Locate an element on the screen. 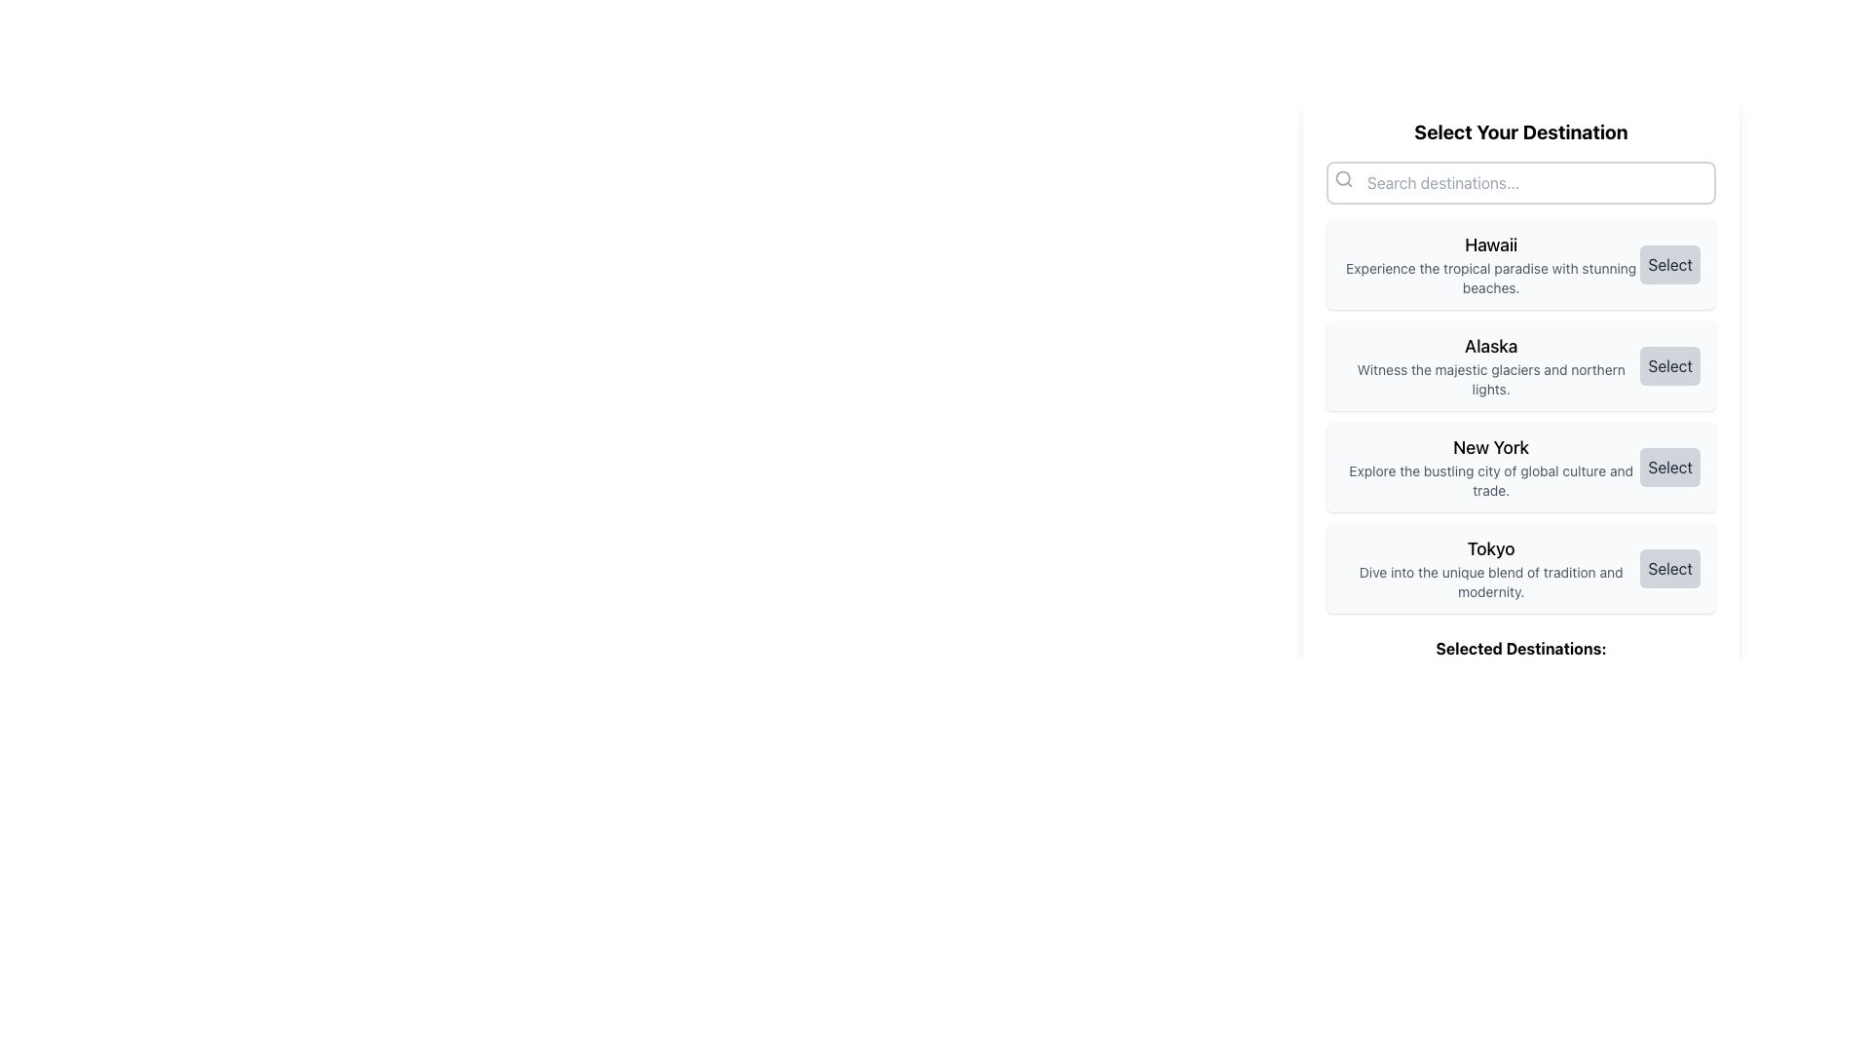 The width and height of the screenshot is (1870, 1052). the descriptive text label providing information about the 'Hawaii' destination, which is positioned directly below the 'Hawaii' title in the vertical list of destinations is located at coordinates (1490, 278).